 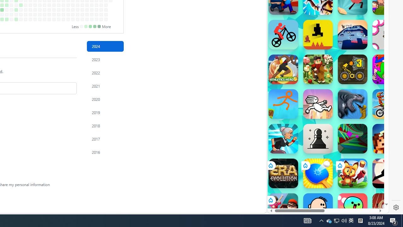 I want to click on 'No contributions on December 6th.', so click(x=91, y=14).